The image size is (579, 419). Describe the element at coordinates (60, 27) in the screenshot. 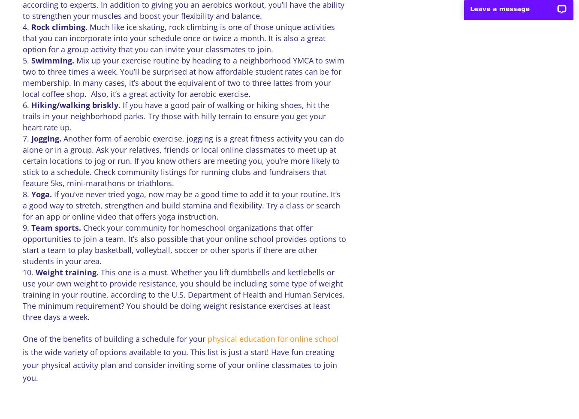

I see `'Rock climbing.'` at that location.